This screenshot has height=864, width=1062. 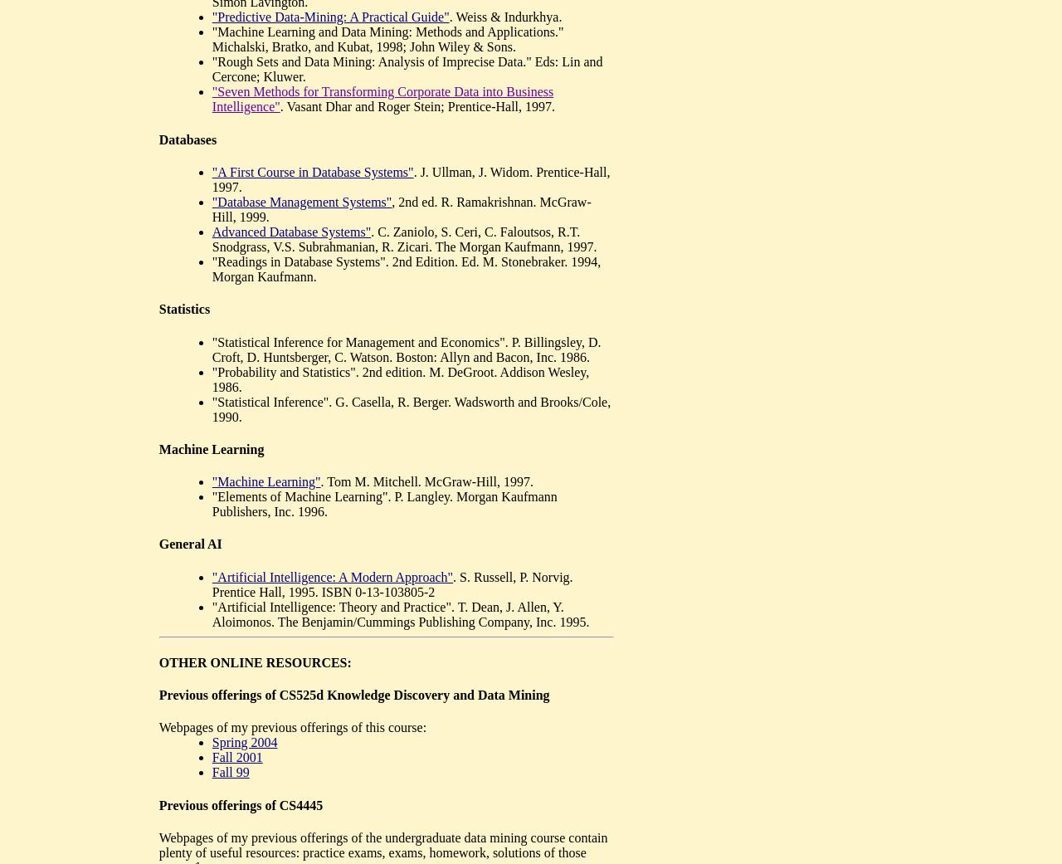 What do you see at coordinates (391, 583) in the screenshot?
I see `'. 
S. Russell, P. Norvig. 
Prentice Hall, 1995. ISBN 0-13-103805-2'` at bounding box center [391, 583].